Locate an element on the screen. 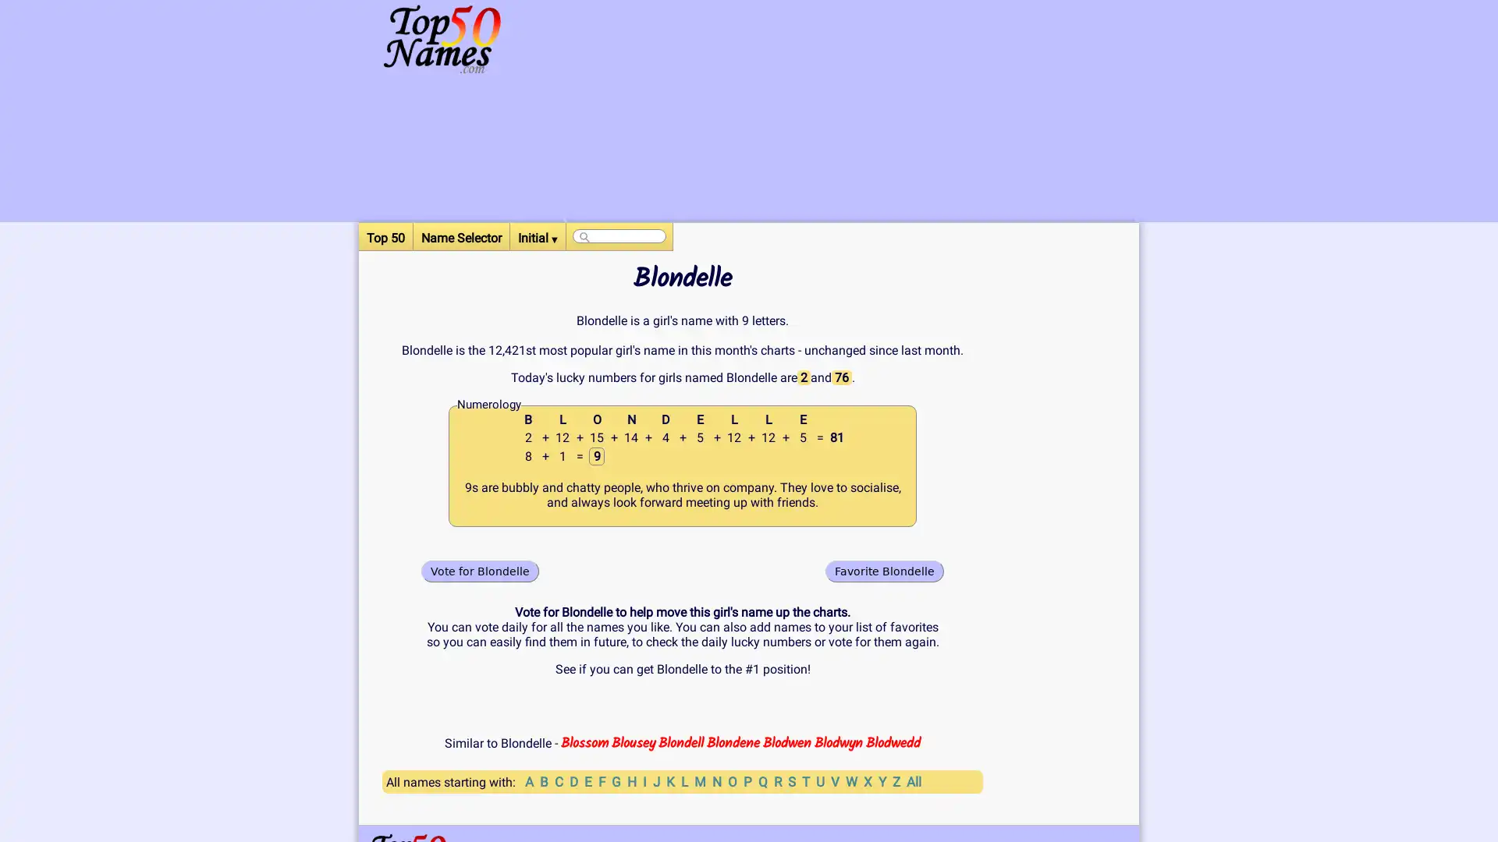 The width and height of the screenshot is (1498, 842). Favorite Blondelle is located at coordinates (884, 571).